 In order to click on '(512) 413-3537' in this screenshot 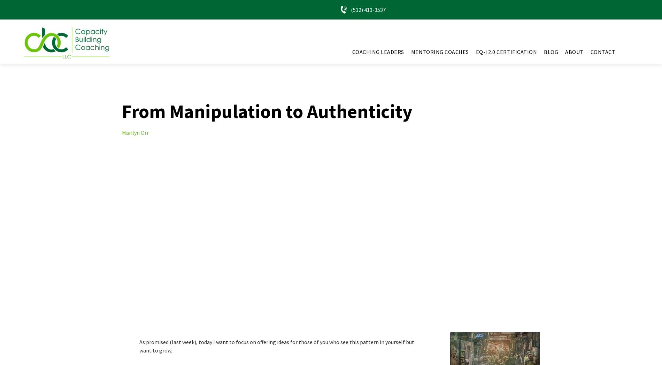, I will do `click(368, 9)`.